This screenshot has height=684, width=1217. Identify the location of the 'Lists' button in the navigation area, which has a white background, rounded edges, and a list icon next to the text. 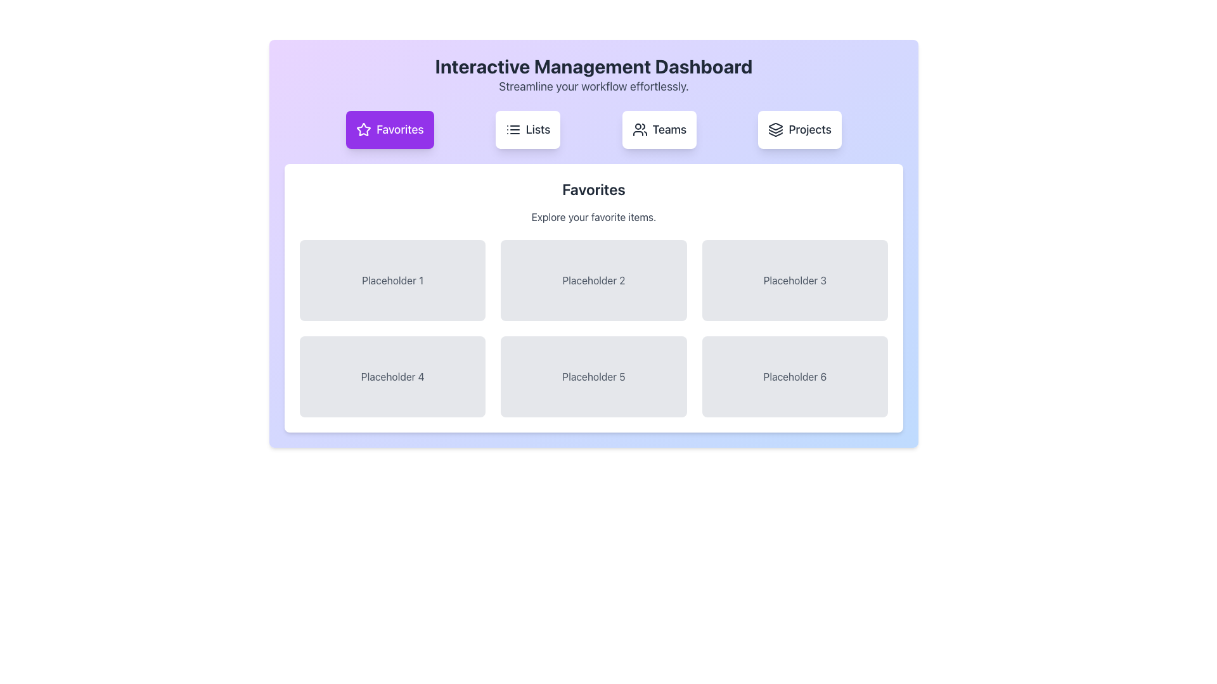
(528, 129).